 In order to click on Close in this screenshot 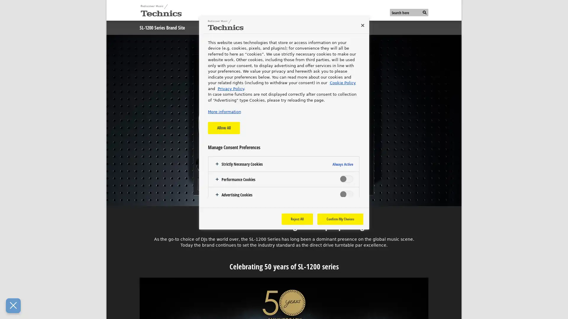, I will do `click(362, 25)`.